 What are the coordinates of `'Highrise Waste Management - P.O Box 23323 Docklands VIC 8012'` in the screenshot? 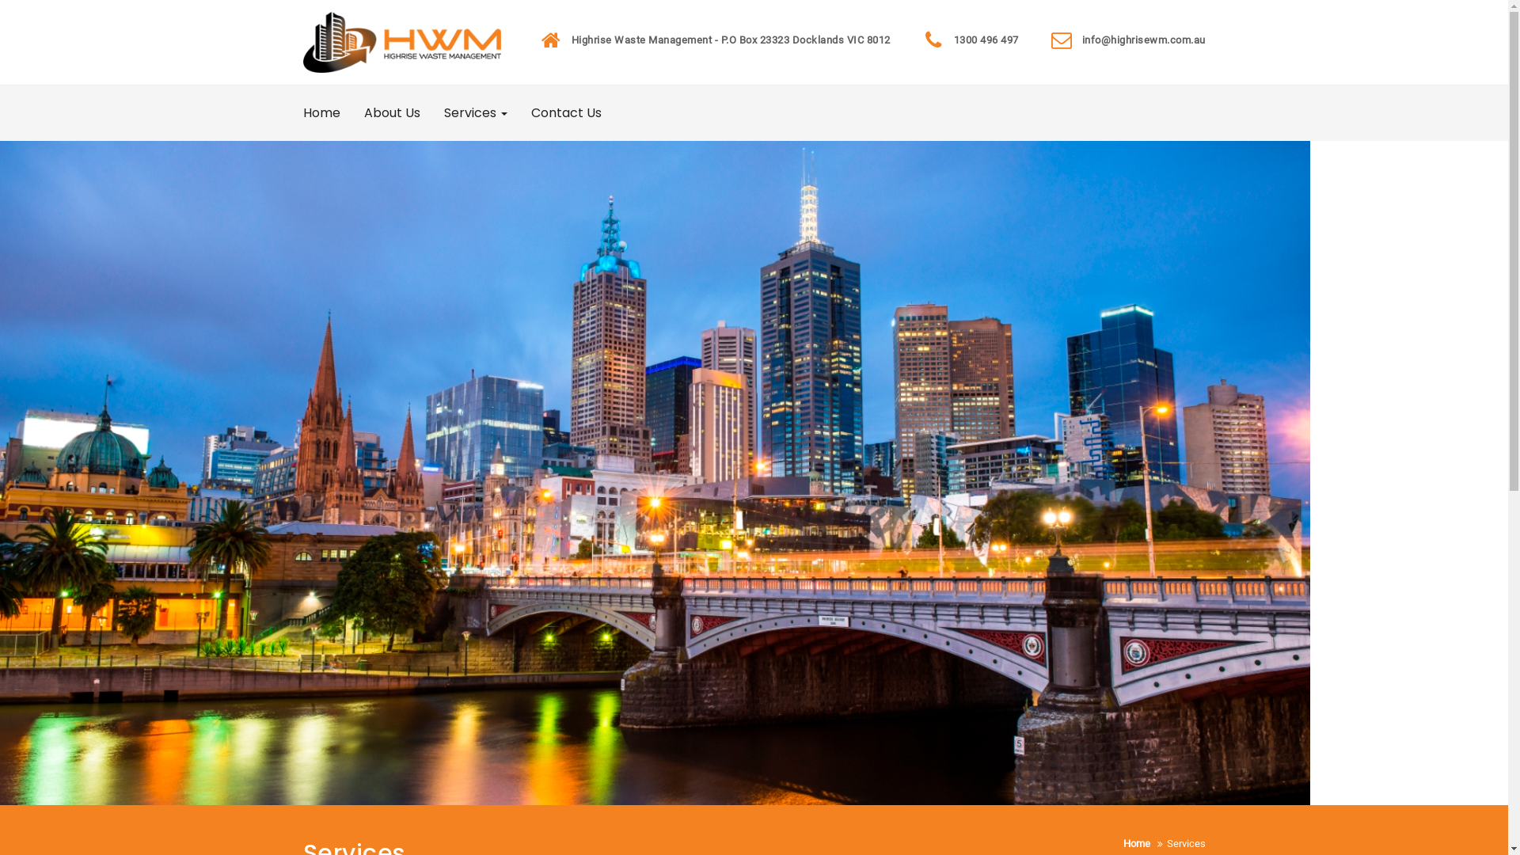 It's located at (730, 39).